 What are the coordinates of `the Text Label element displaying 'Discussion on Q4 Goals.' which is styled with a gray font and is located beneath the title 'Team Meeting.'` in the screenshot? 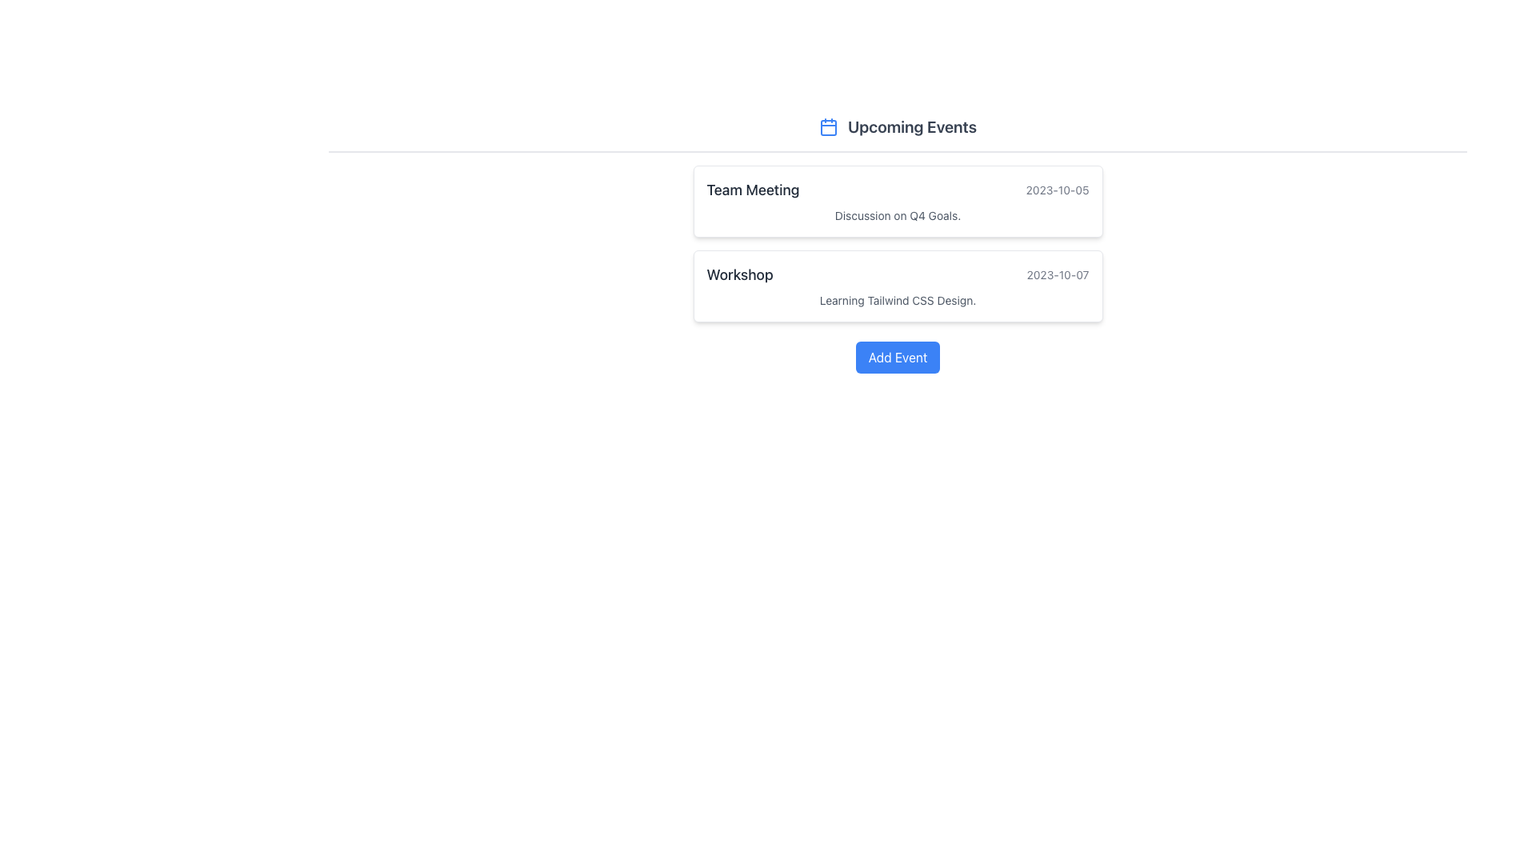 It's located at (898, 216).